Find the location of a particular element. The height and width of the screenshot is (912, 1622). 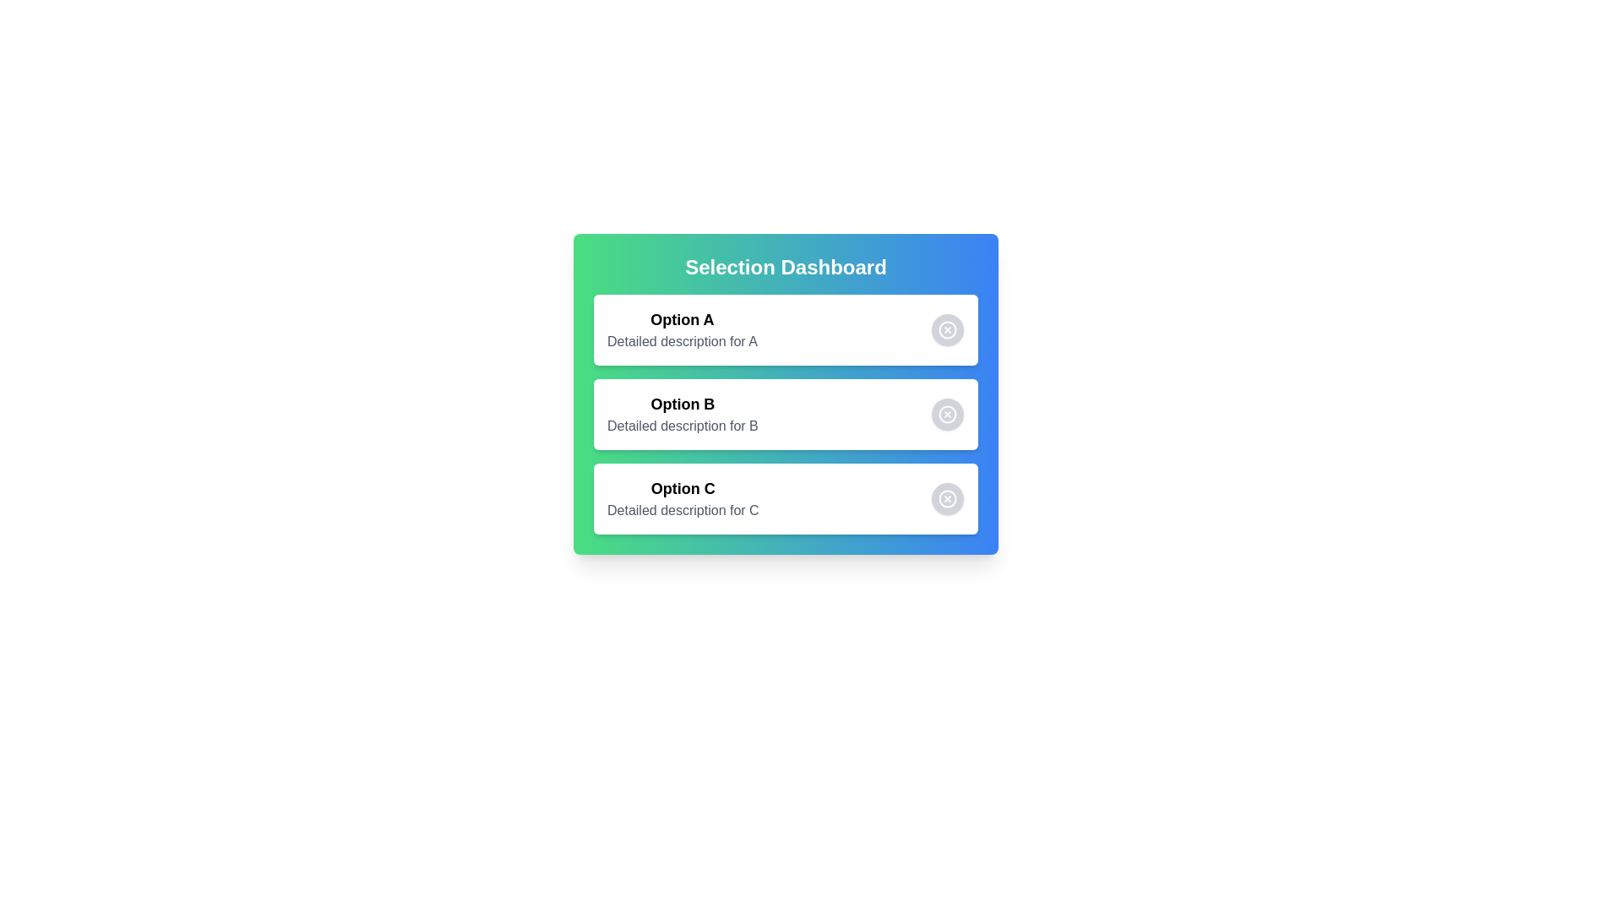

the choice corresponding to Option B by clicking its button is located at coordinates (948, 414).